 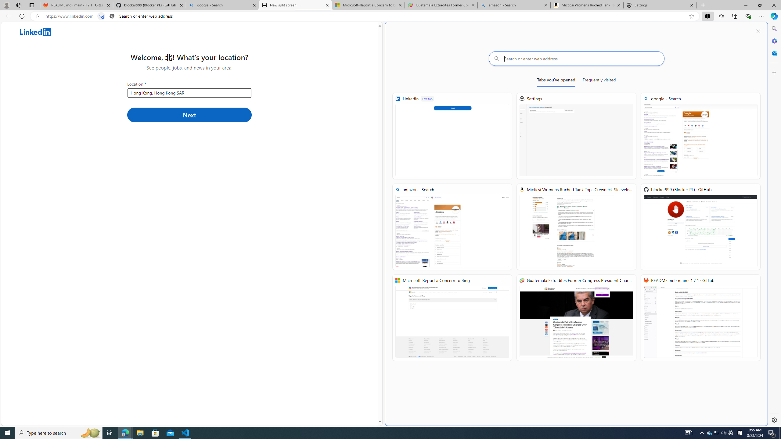 What do you see at coordinates (576, 58) in the screenshot?
I see `'Search or enter web address'` at bounding box center [576, 58].